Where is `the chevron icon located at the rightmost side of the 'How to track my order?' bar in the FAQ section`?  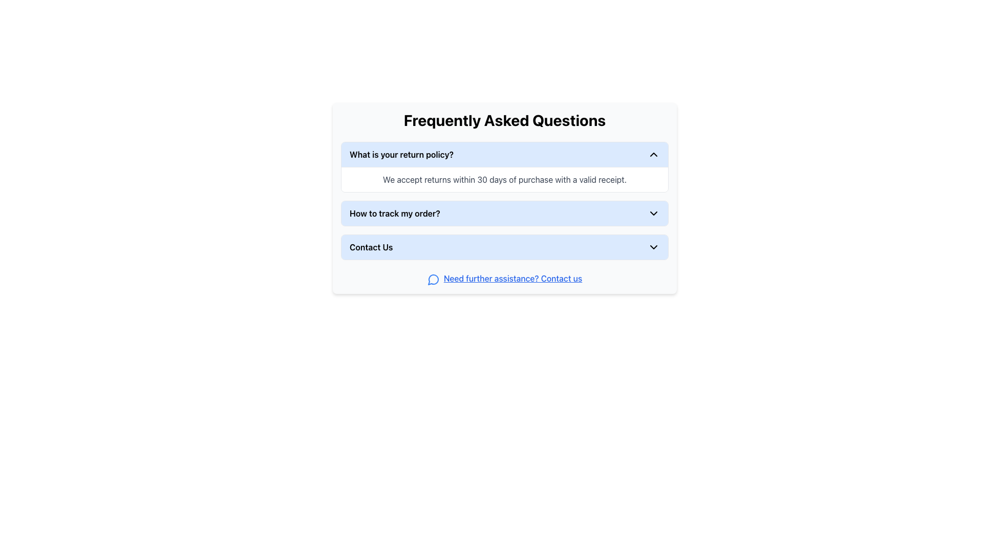 the chevron icon located at the rightmost side of the 'How to track my order?' bar in the FAQ section is located at coordinates (653, 212).